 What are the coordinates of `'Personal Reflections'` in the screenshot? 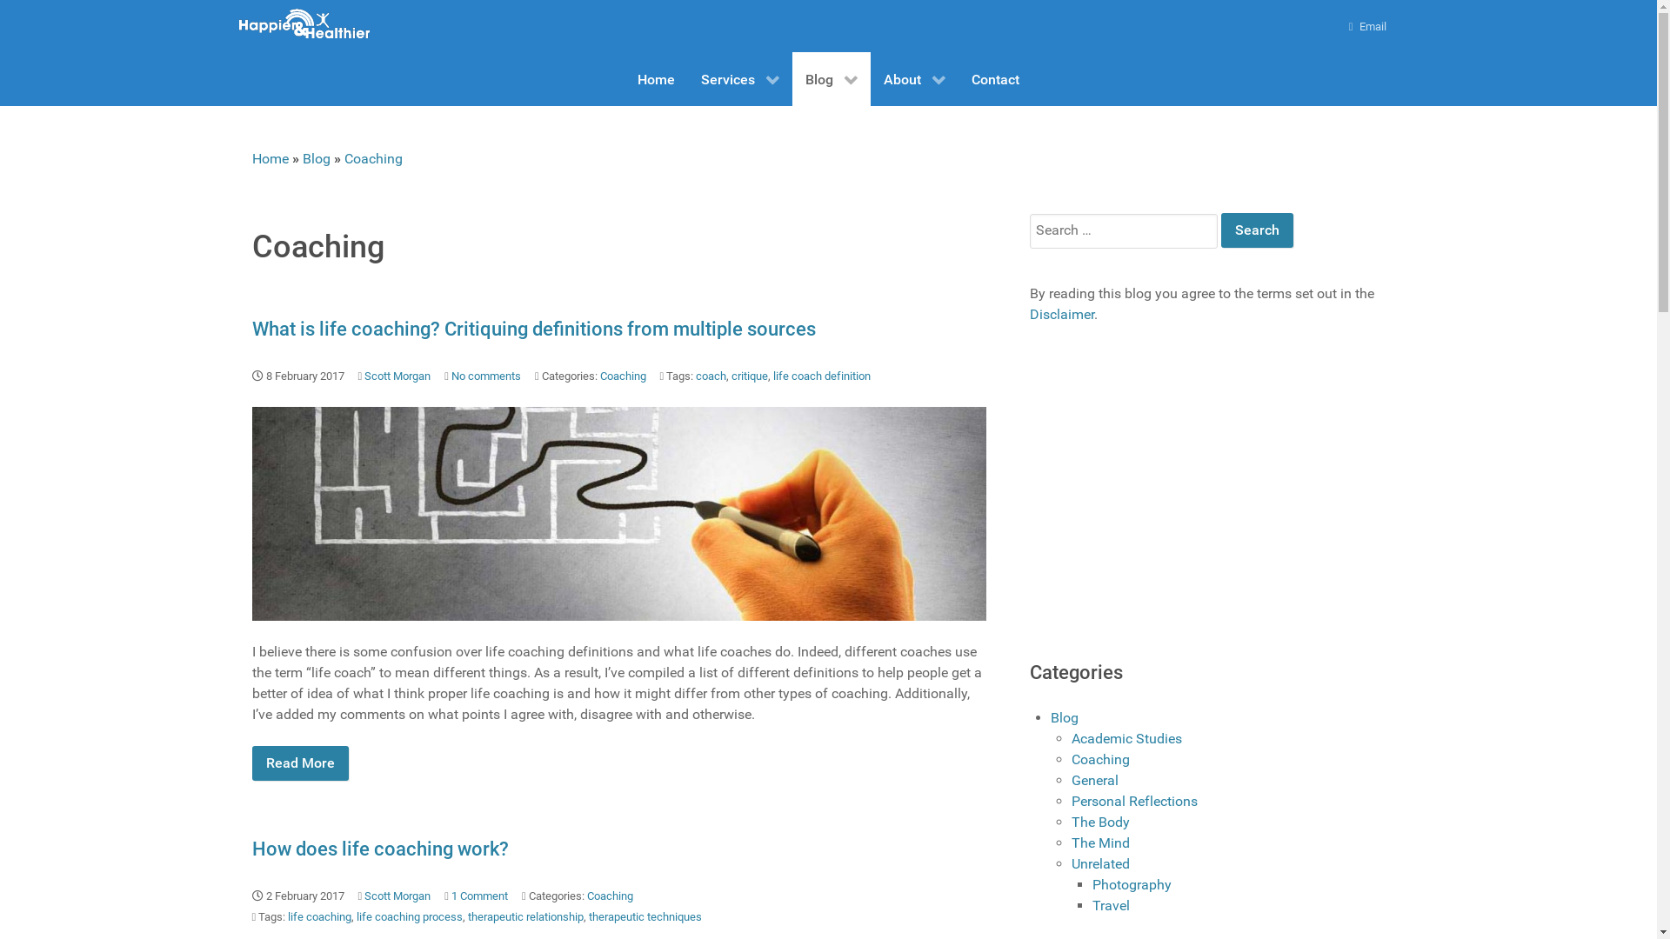 It's located at (1134, 801).